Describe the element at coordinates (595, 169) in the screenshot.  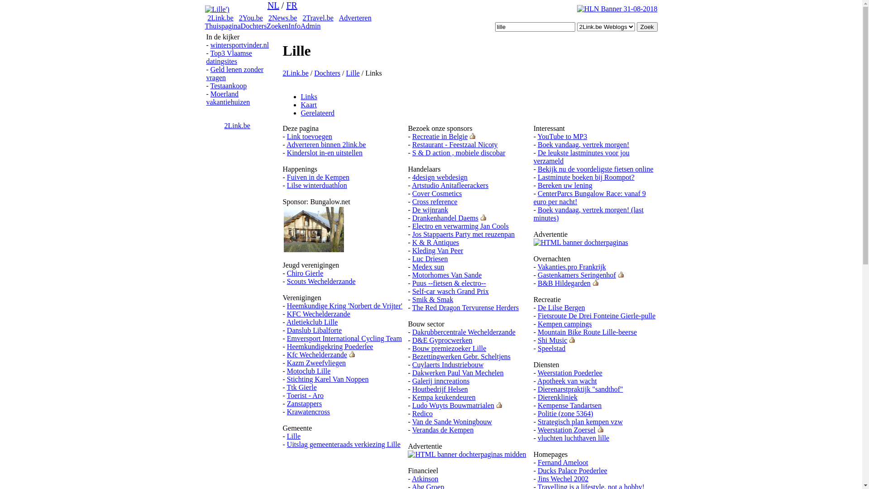
I see `'Bekijk nu de voordeligste fietsen online'` at that location.